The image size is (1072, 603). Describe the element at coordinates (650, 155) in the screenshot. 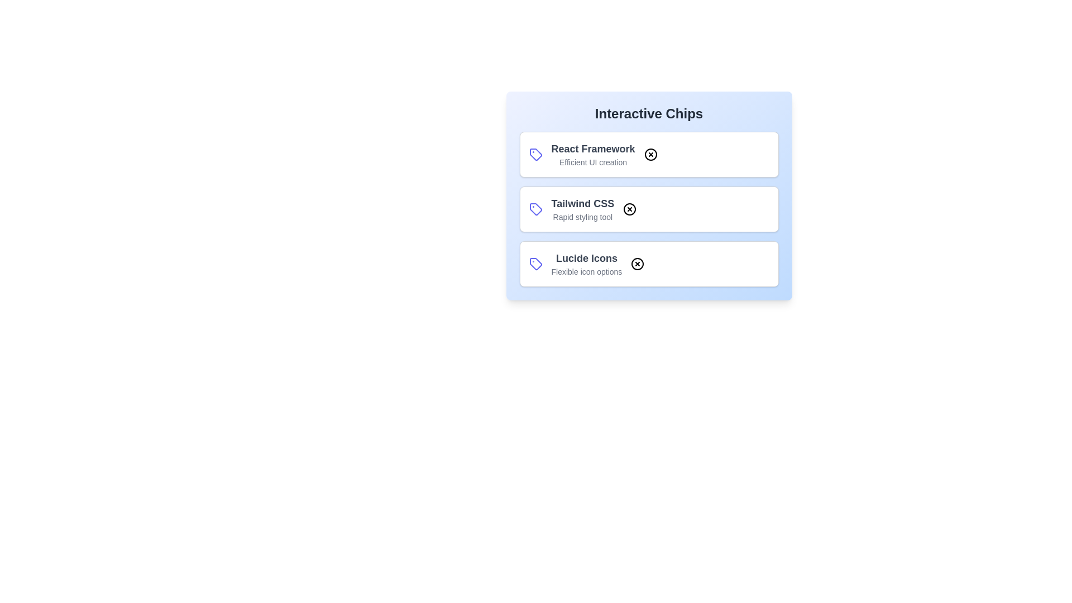

I see `close button on the chip labeled React Framework` at that location.